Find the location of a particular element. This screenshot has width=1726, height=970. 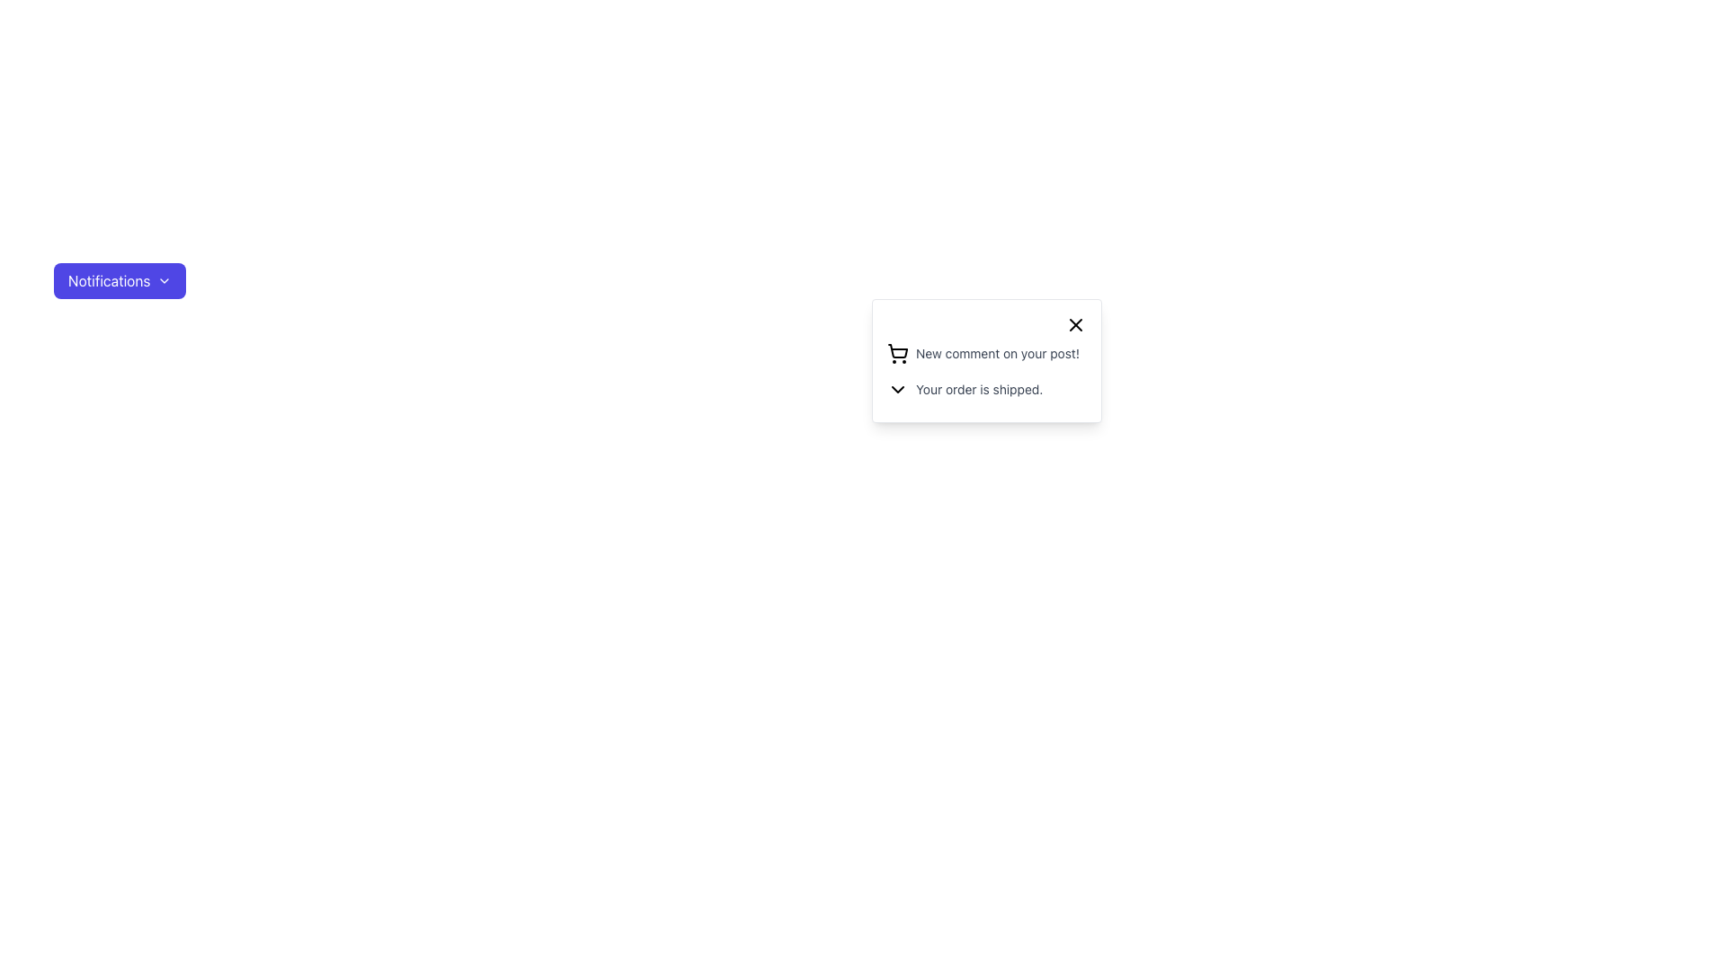

the first notification item in the dropdown that indicates a new comment on the user's post is located at coordinates (986, 353).